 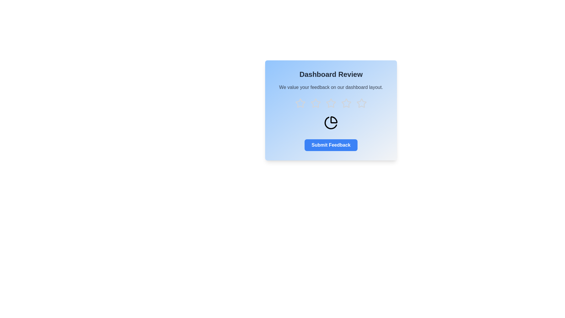 I want to click on the star corresponding to 4 to preview the rating, so click(x=346, y=103).